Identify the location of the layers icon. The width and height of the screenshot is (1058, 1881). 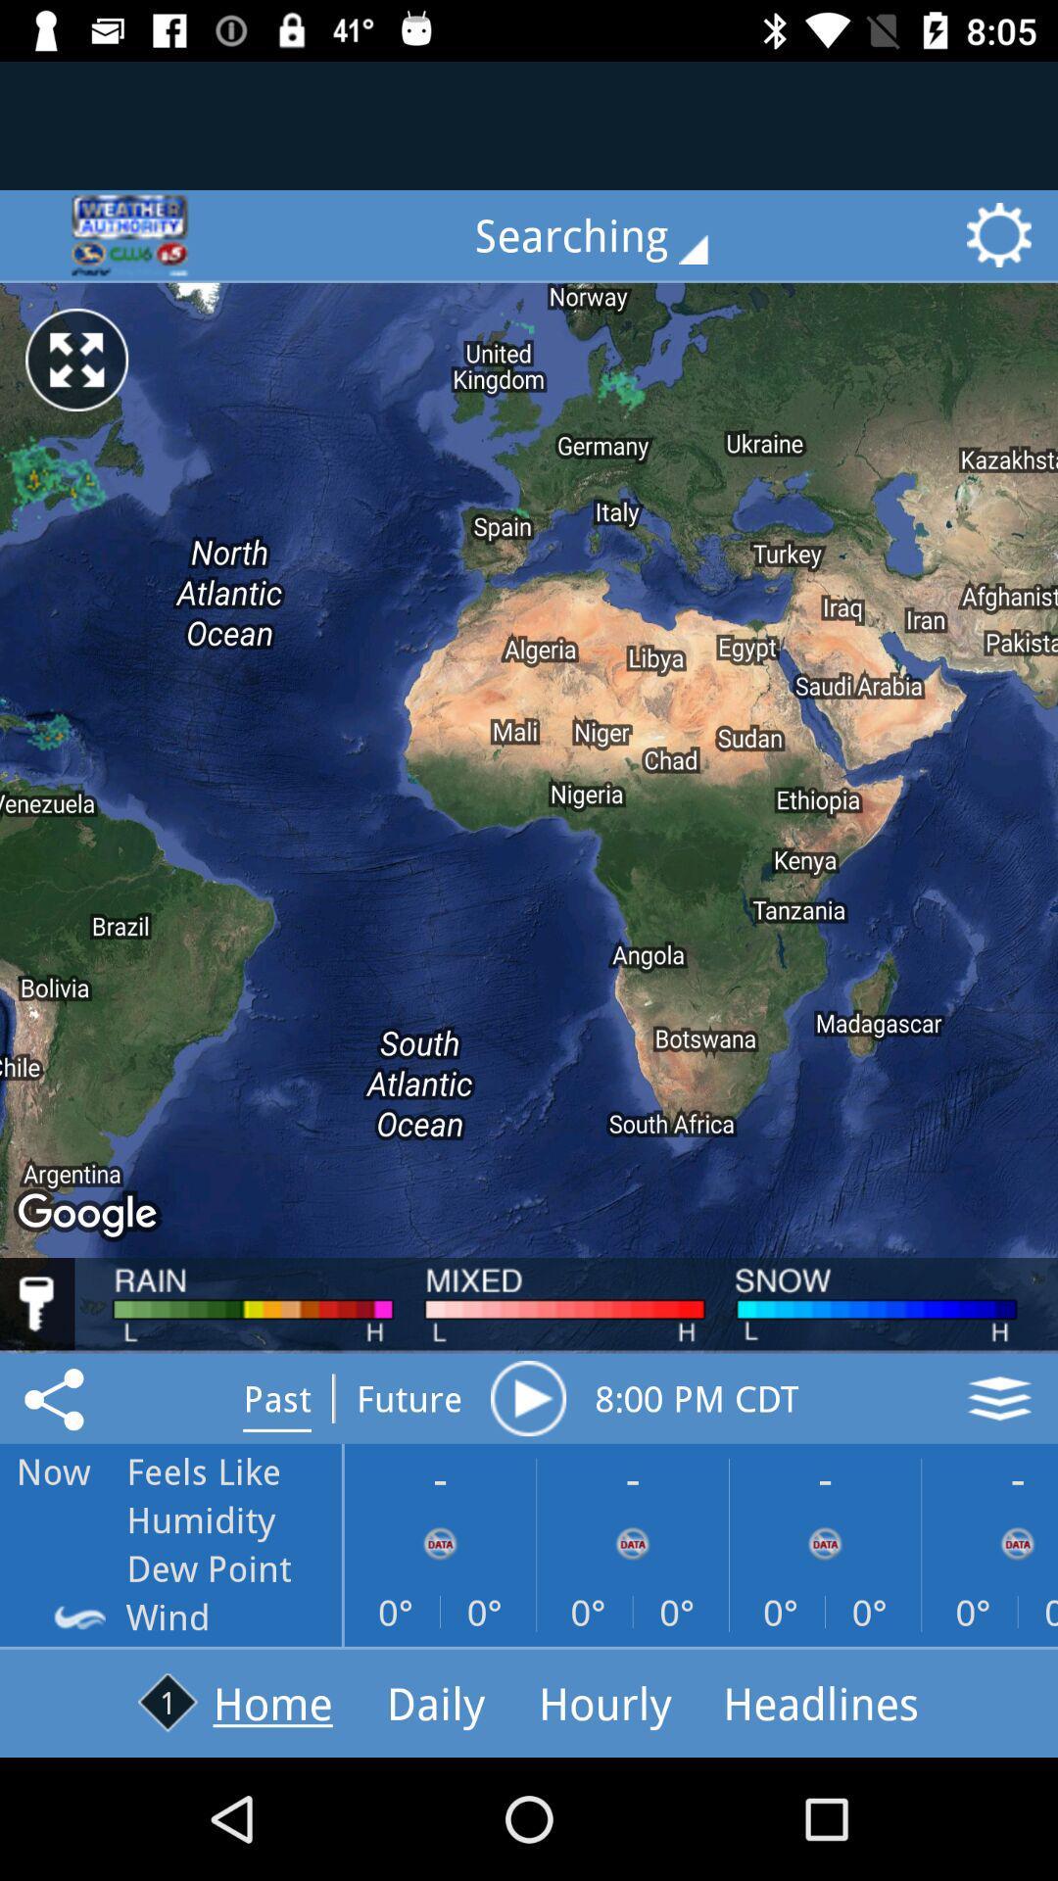
(999, 1397).